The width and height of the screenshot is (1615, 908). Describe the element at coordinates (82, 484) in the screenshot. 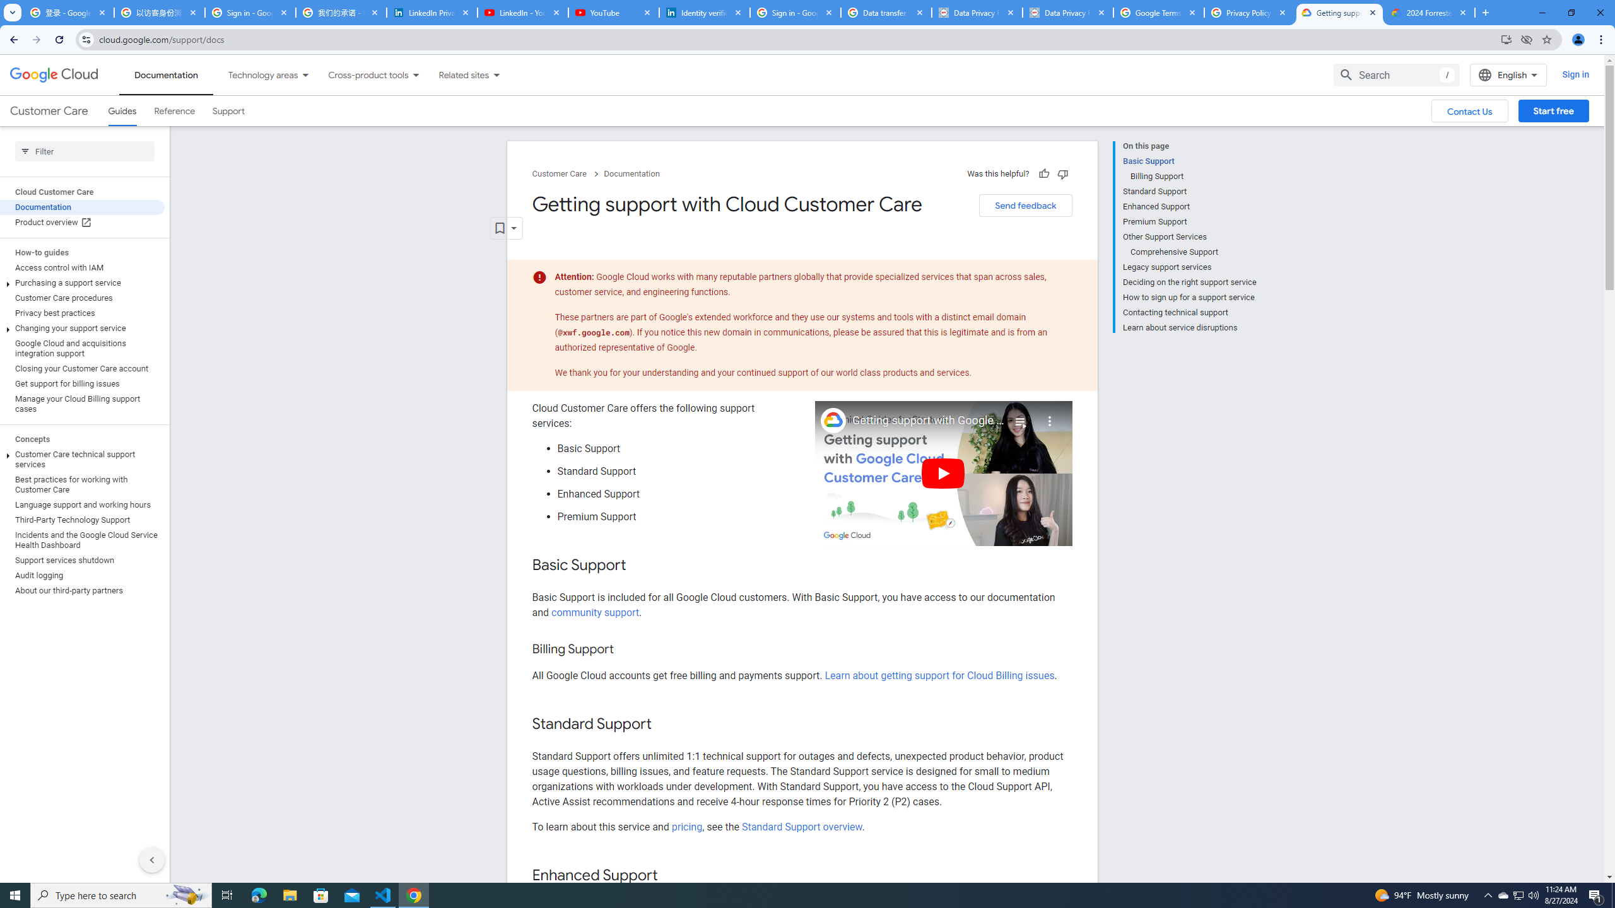

I see `'Best practices for working with Customer Care'` at that location.